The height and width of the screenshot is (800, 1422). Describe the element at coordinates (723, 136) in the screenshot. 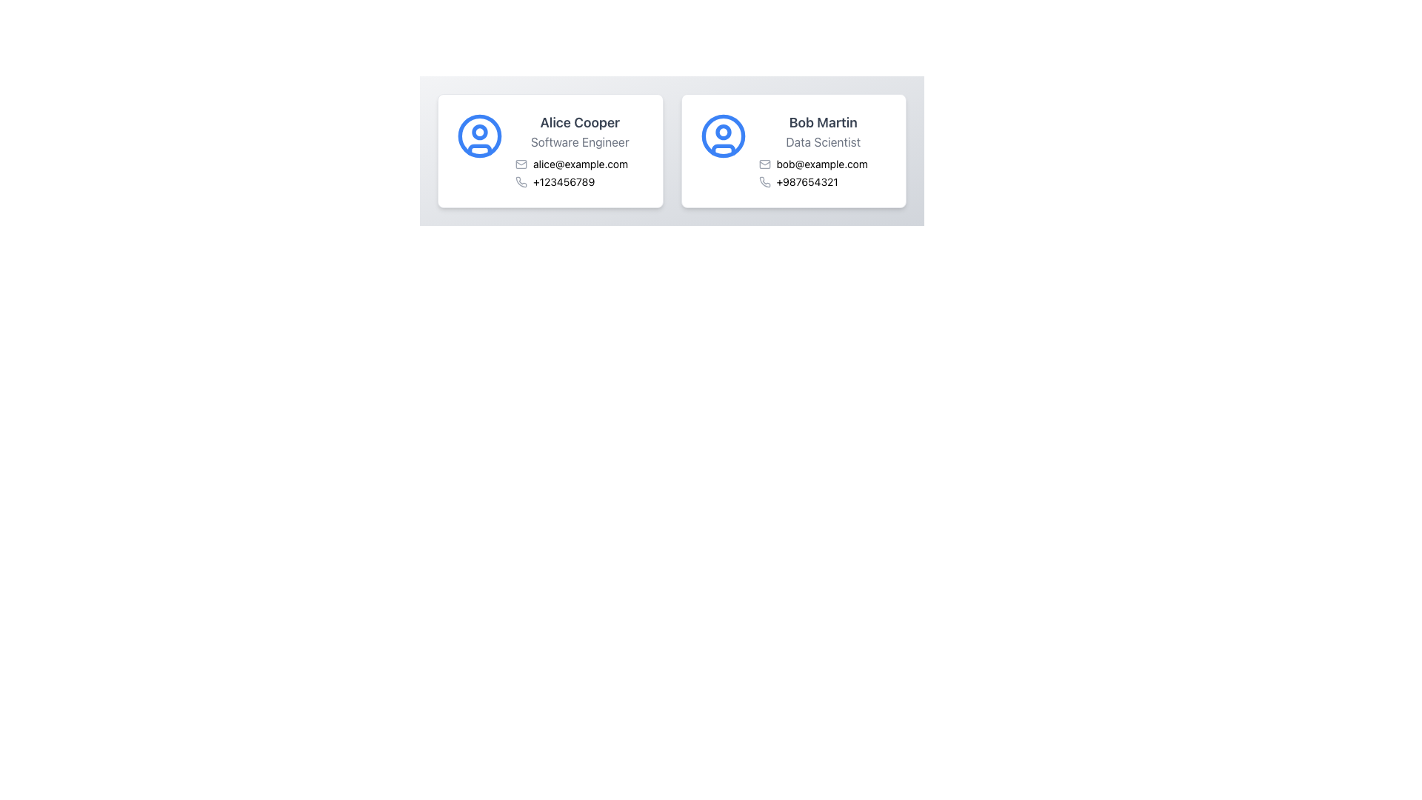

I see `the circular outline of the user avatar icon, which is part of the SVG in the avatar section of the rightmost card in a two-card layout` at that location.